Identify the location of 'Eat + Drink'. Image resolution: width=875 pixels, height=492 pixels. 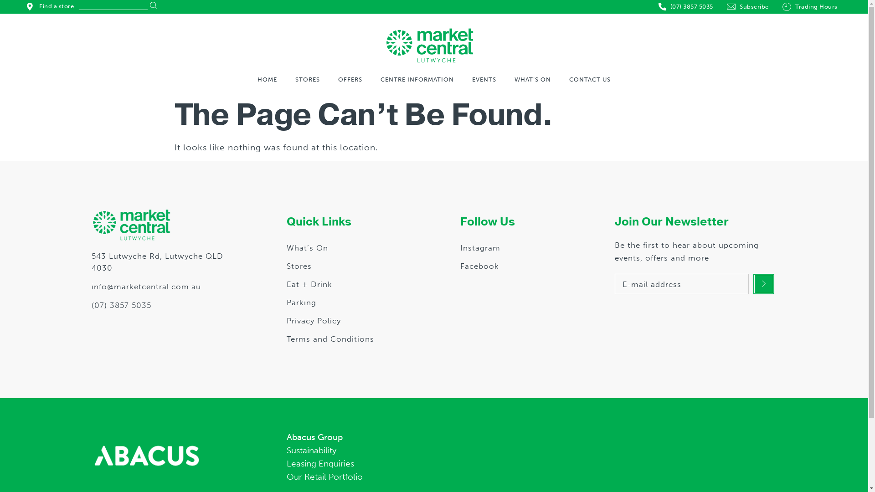
(309, 284).